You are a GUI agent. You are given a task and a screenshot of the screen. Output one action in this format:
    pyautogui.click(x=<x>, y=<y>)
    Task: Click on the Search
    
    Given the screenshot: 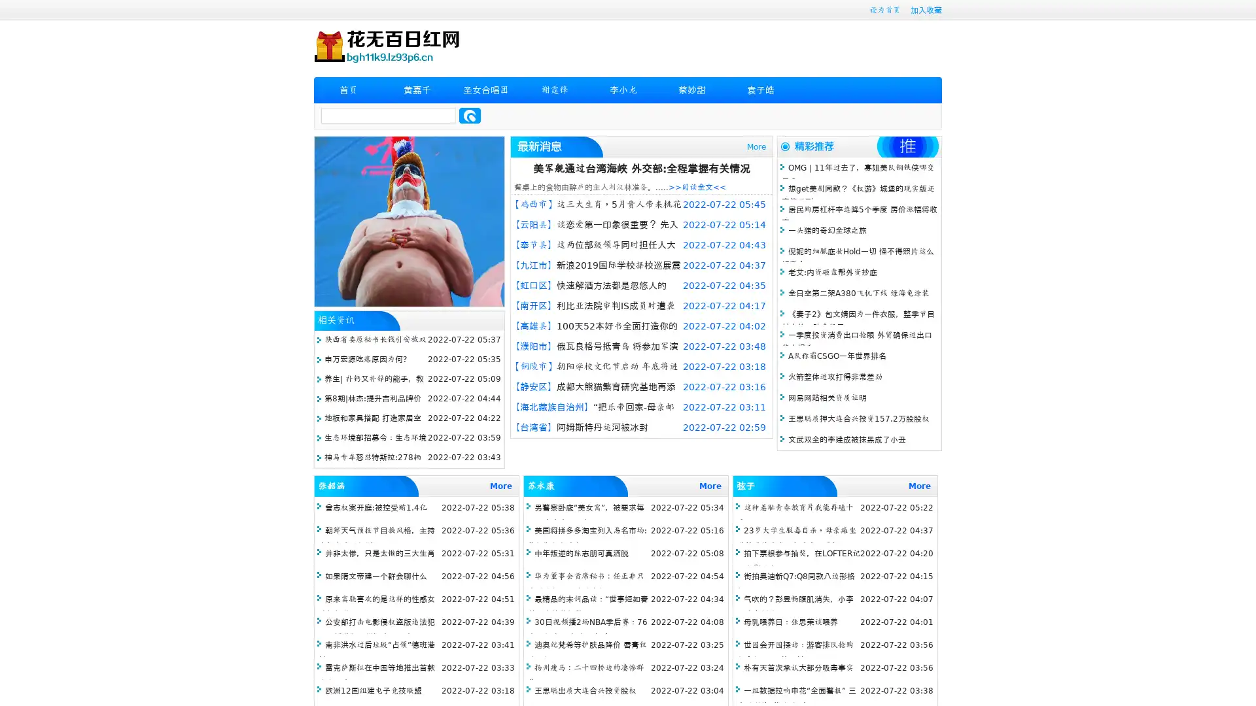 What is the action you would take?
    pyautogui.click(x=470, y=115)
    